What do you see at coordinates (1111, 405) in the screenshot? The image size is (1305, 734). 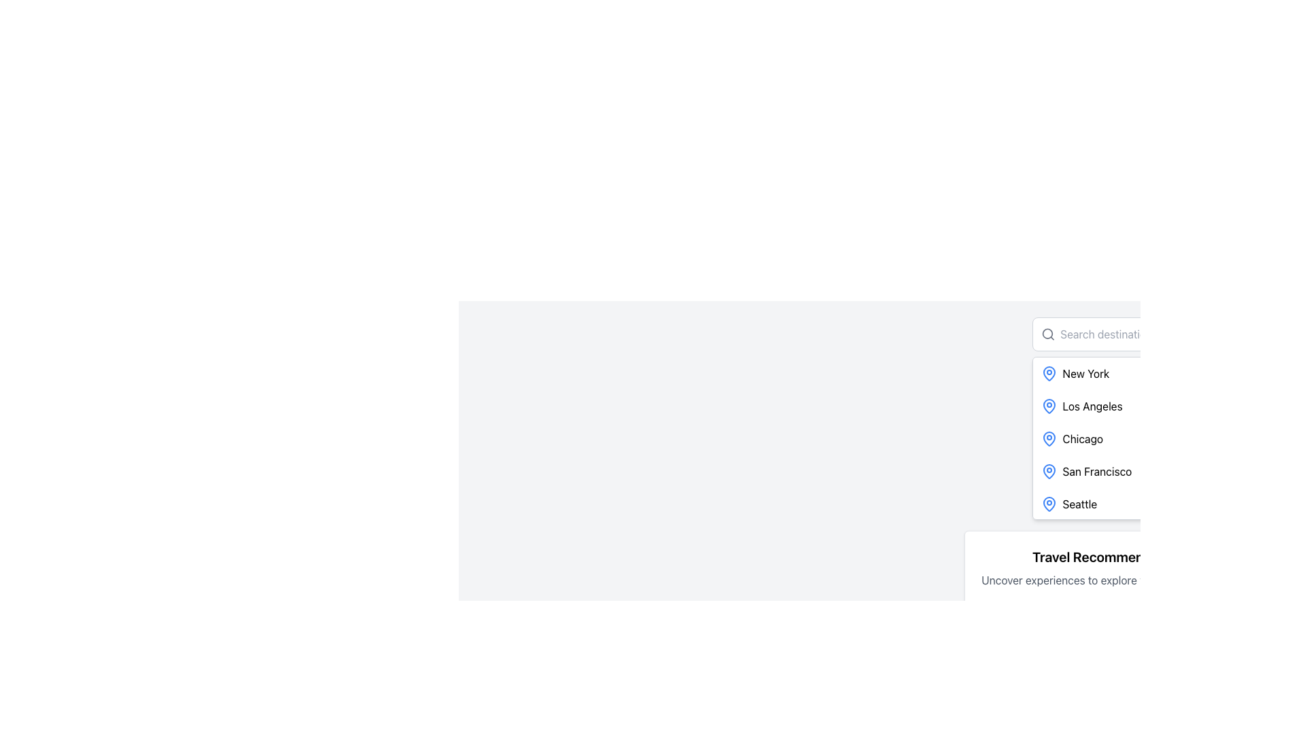 I see `to select the list item labeled 'Los Angeles', which is the second item in a vertical list and features a blue pin icon on the left` at bounding box center [1111, 405].